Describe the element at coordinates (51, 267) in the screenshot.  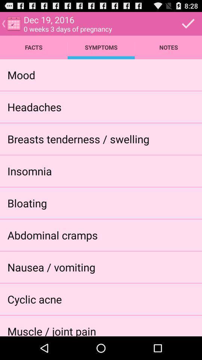
I see `the nausea / vomiting icon` at that location.